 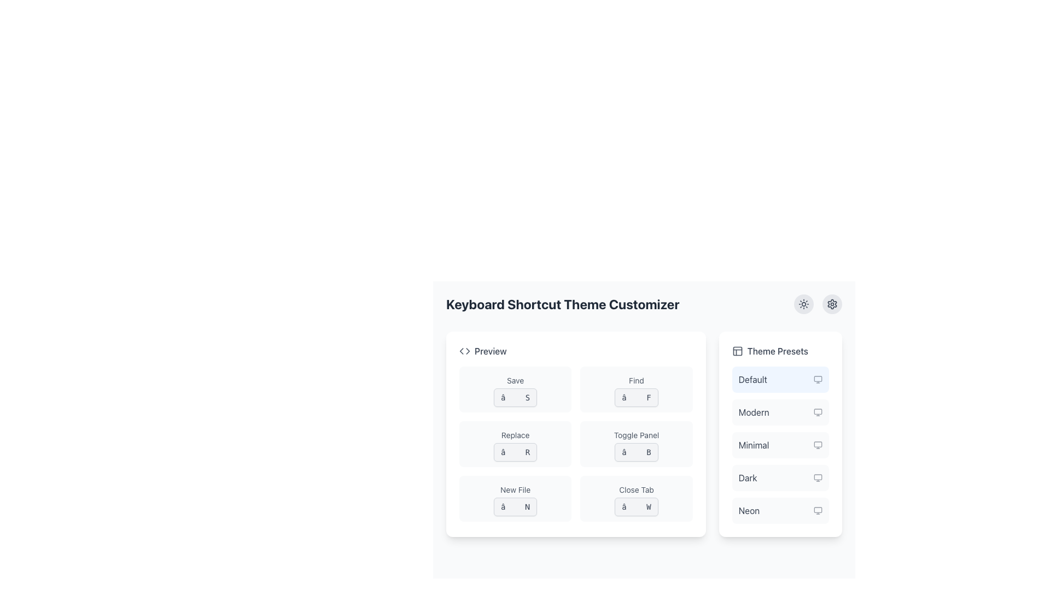 I want to click on the 'Close Tab' text label, which is styled in gray and located in the lower-right quadrant of the interface under the 'Preview' section, so click(x=636, y=489).